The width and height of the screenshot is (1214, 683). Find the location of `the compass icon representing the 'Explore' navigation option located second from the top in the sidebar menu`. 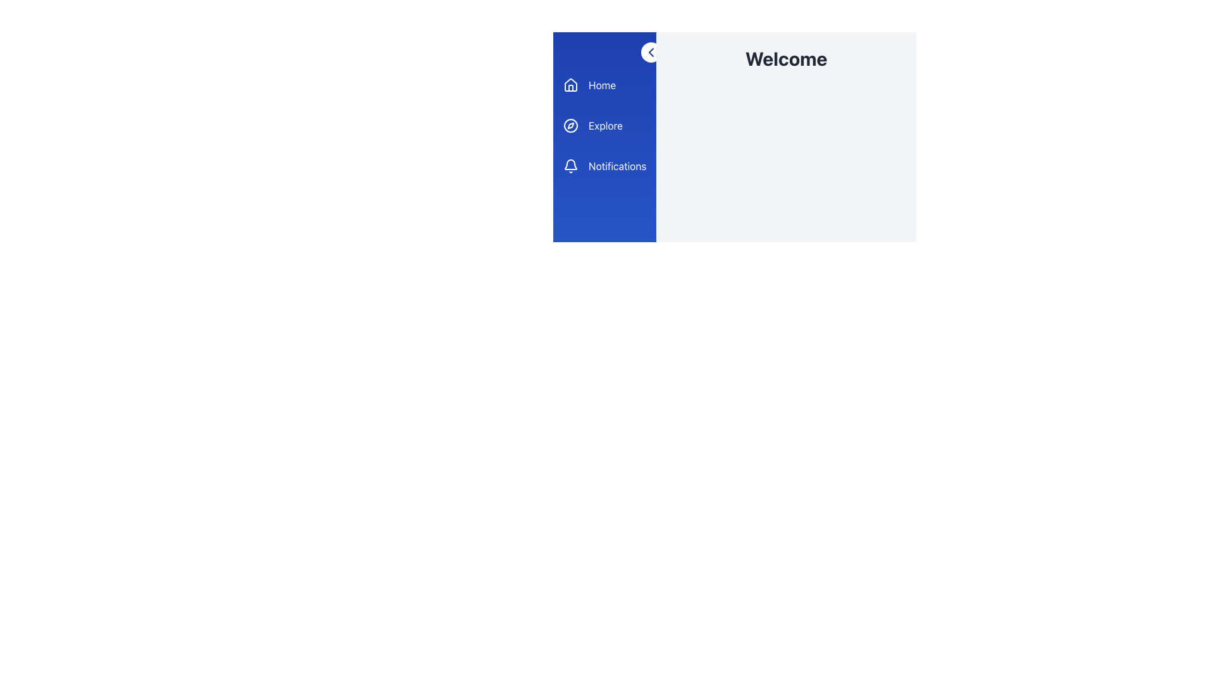

the compass icon representing the 'Explore' navigation option located second from the top in the sidebar menu is located at coordinates (570, 126).